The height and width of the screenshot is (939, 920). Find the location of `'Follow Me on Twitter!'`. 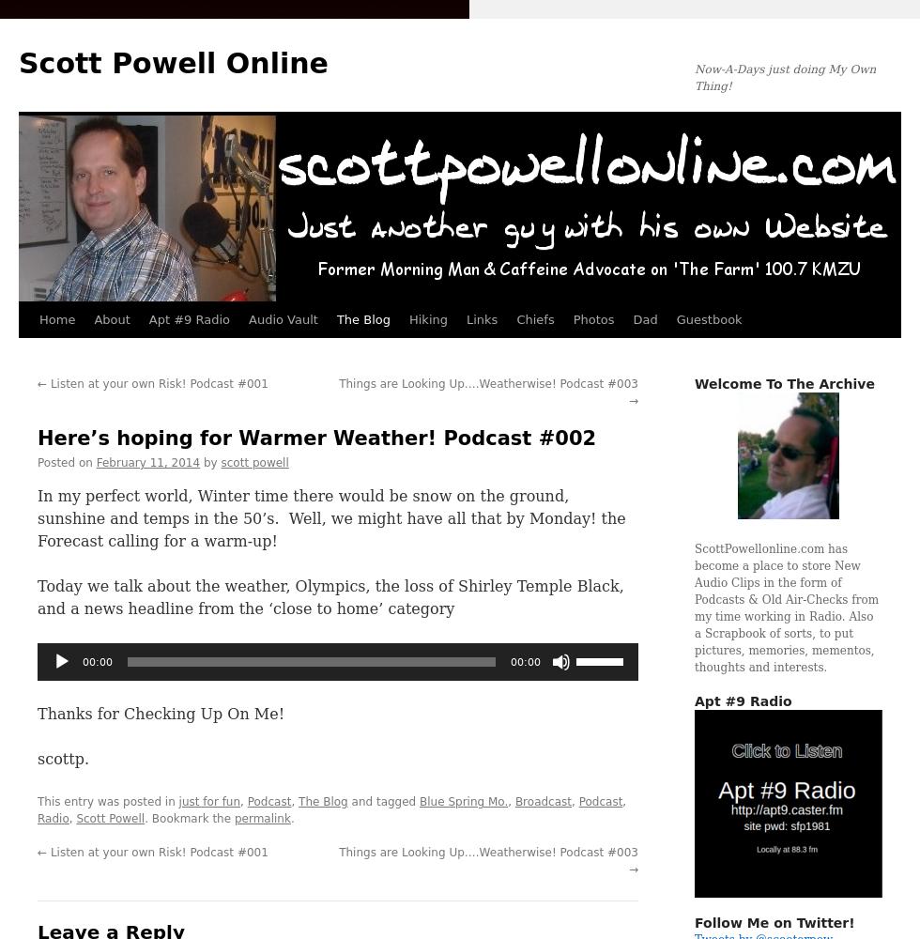

'Follow Me on Twitter!' is located at coordinates (774, 922).